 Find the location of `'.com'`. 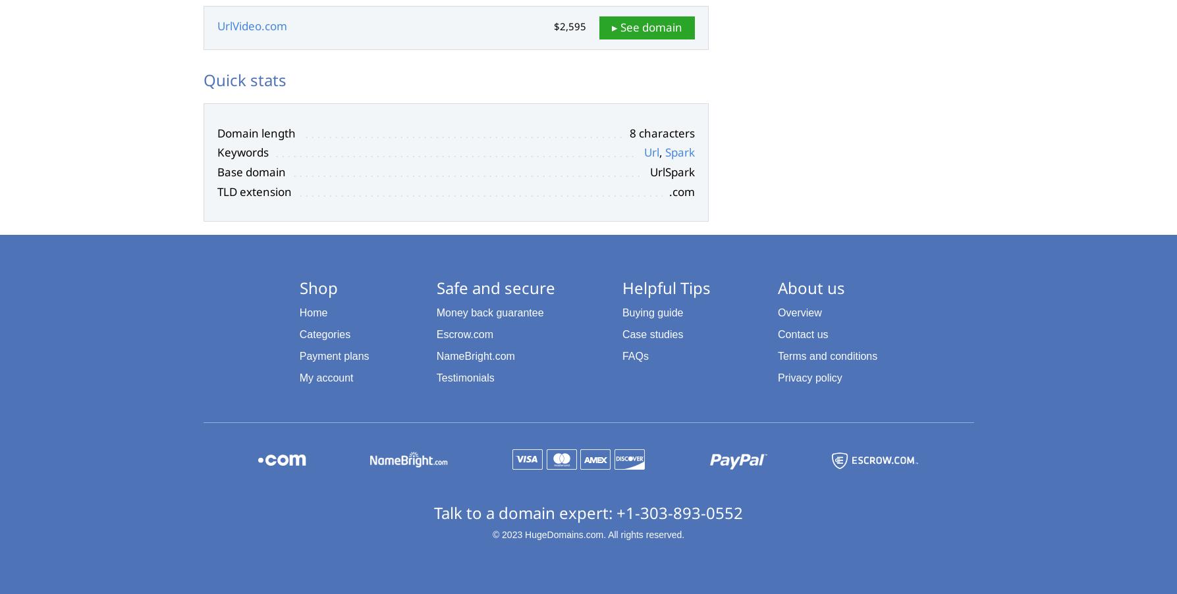

'.com' is located at coordinates (668, 190).